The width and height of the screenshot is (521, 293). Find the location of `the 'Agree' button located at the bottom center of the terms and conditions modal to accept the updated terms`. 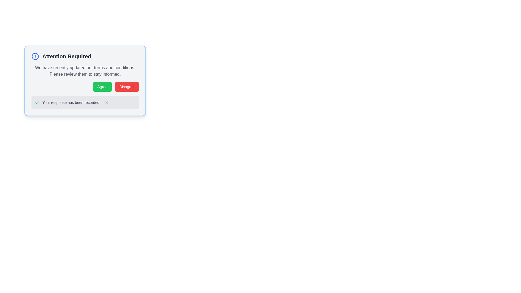

the 'Agree' button located at the bottom center of the terms and conditions modal to accept the updated terms is located at coordinates (85, 87).